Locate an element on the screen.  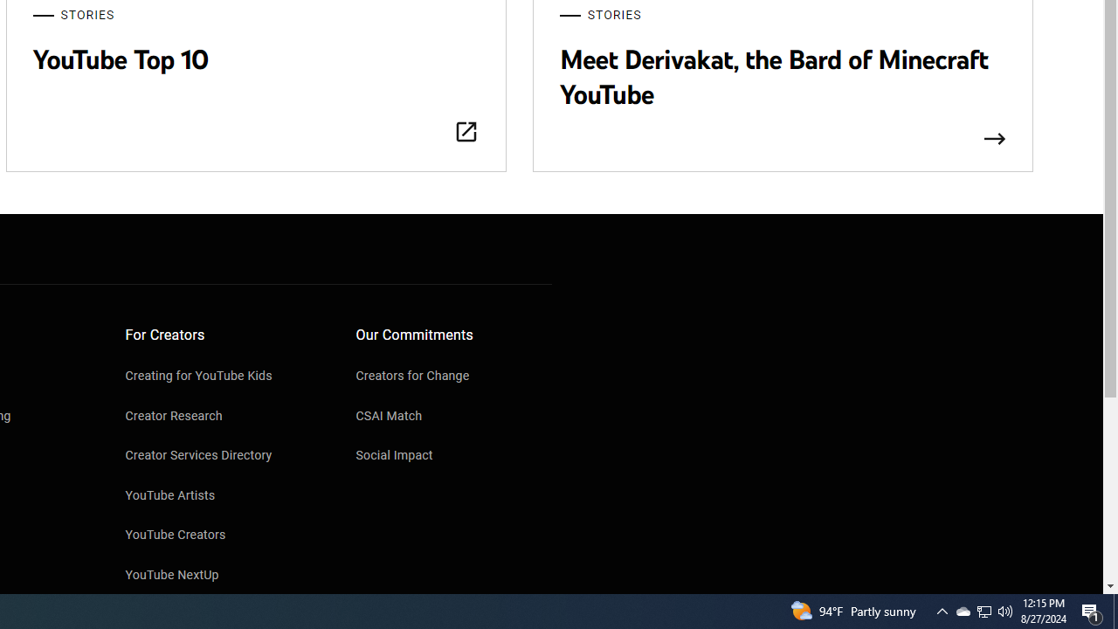
'Social Impact' is located at coordinates (453, 456).